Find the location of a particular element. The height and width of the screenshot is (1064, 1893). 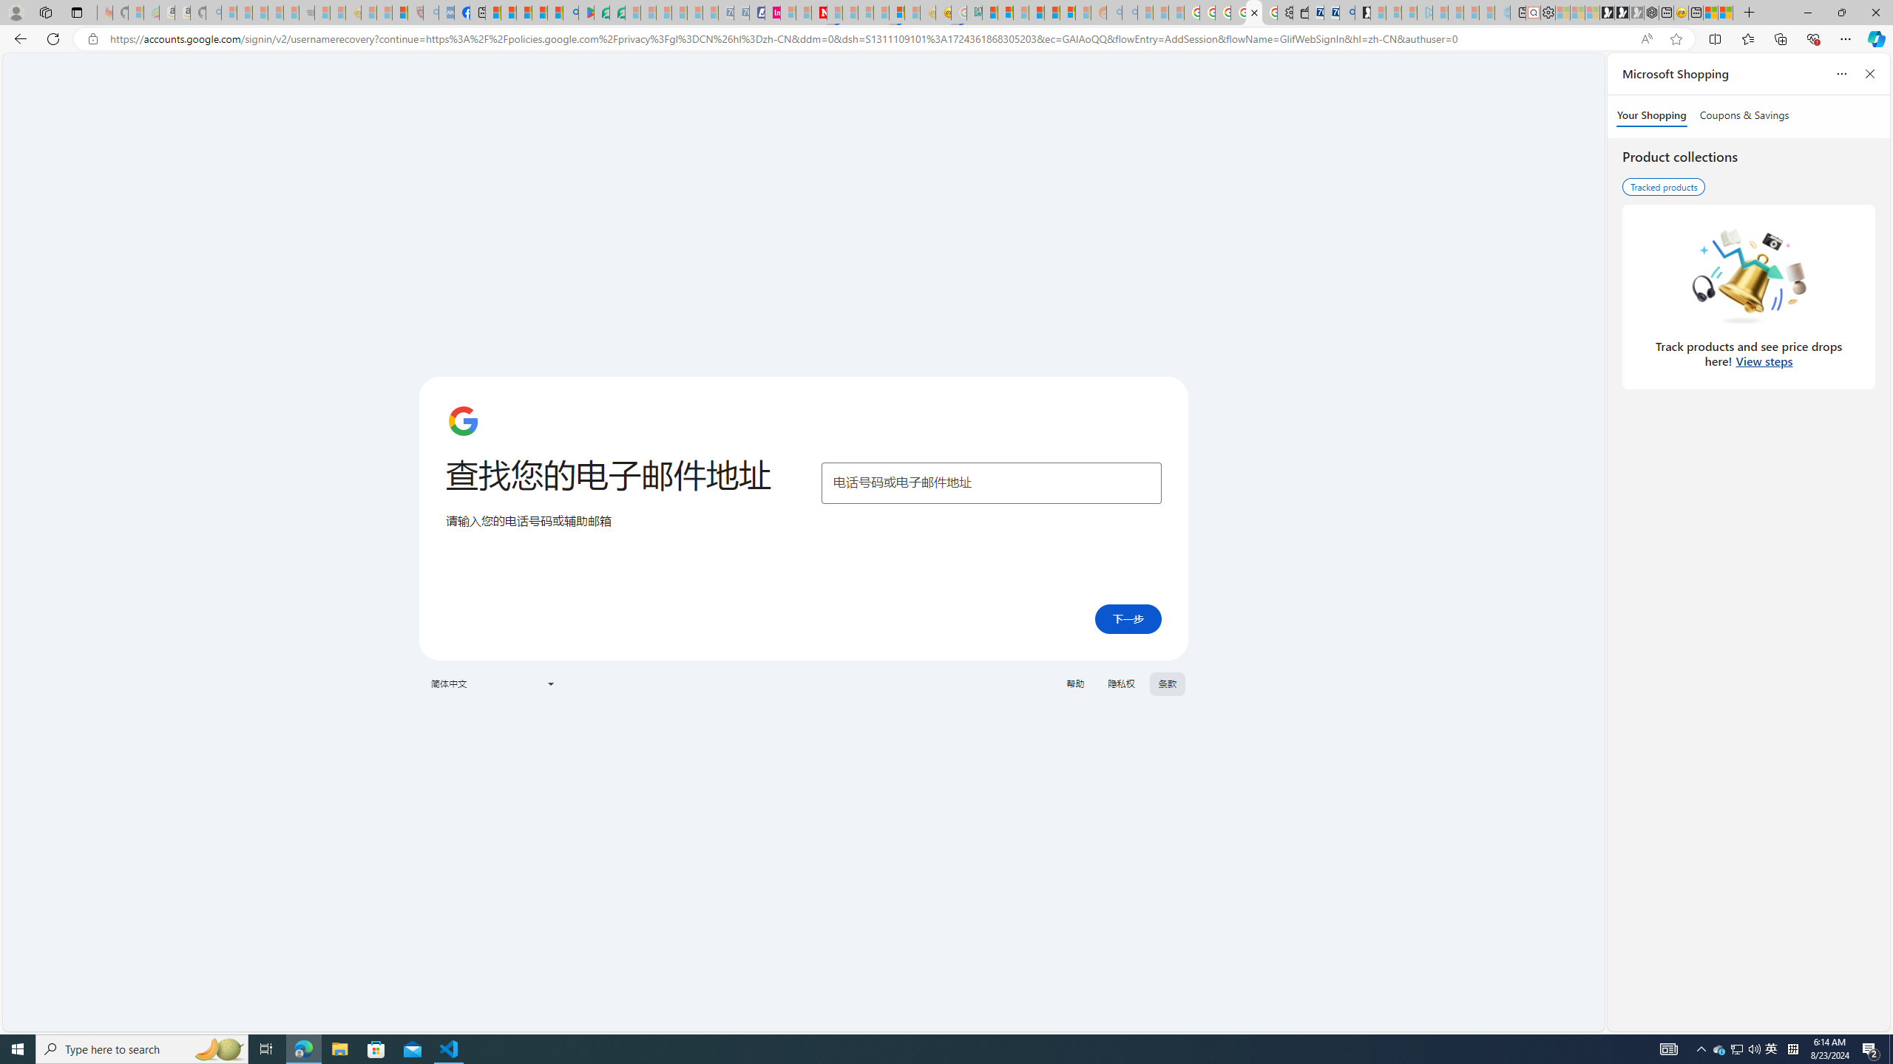

'Wallet' is located at coordinates (1301, 12).